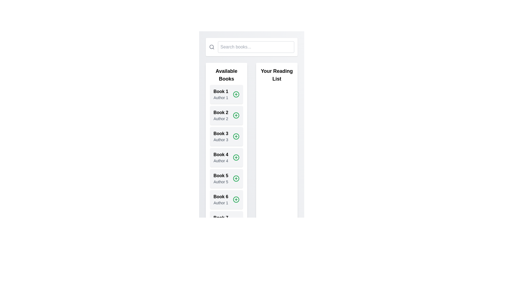 This screenshot has width=531, height=299. What do you see at coordinates (220, 220) in the screenshot?
I see `the Text label/card element that displays 'Book 7' and 'Author 2'` at bounding box center [220, 220].